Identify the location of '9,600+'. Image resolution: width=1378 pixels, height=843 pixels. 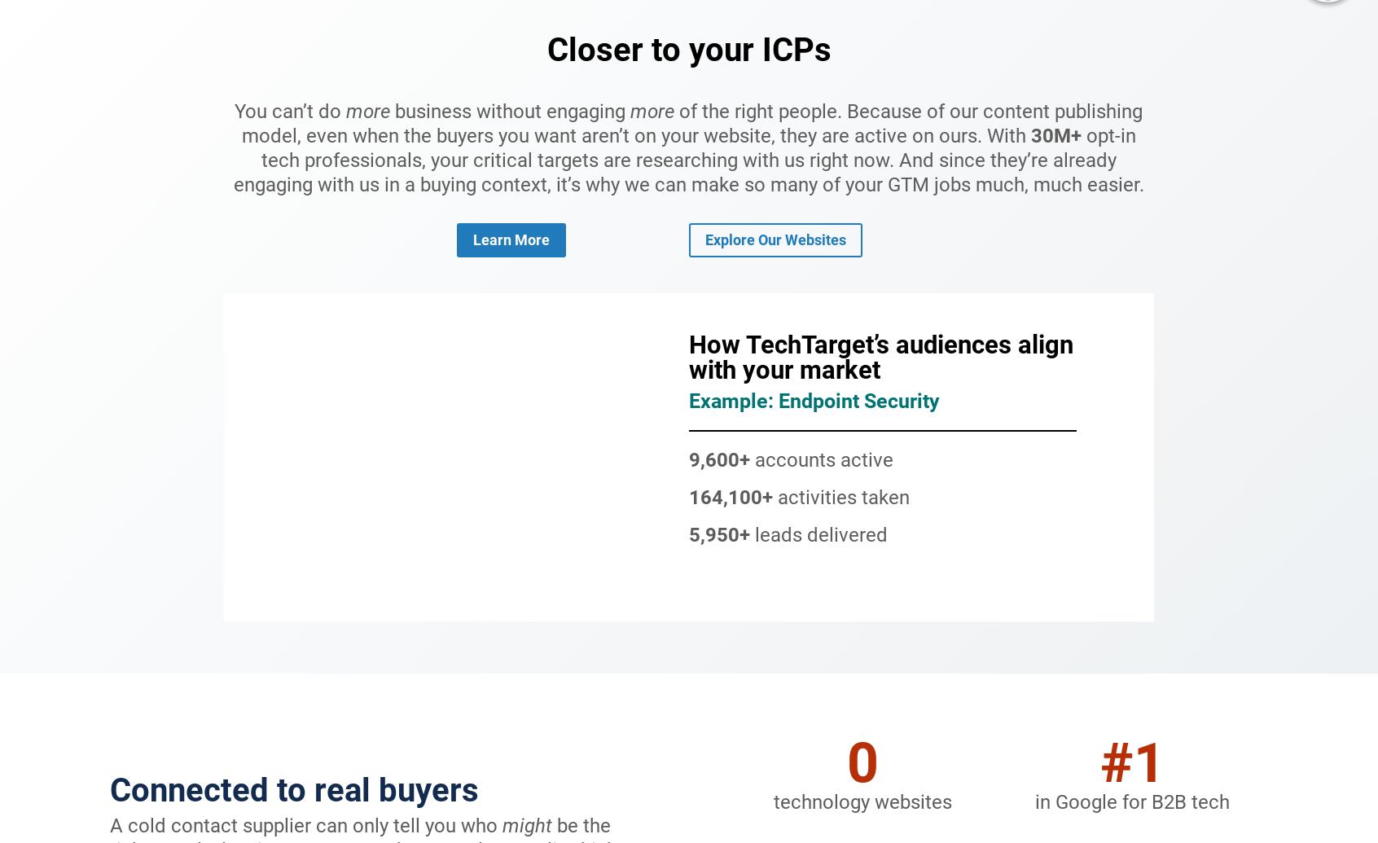
(721, 459).